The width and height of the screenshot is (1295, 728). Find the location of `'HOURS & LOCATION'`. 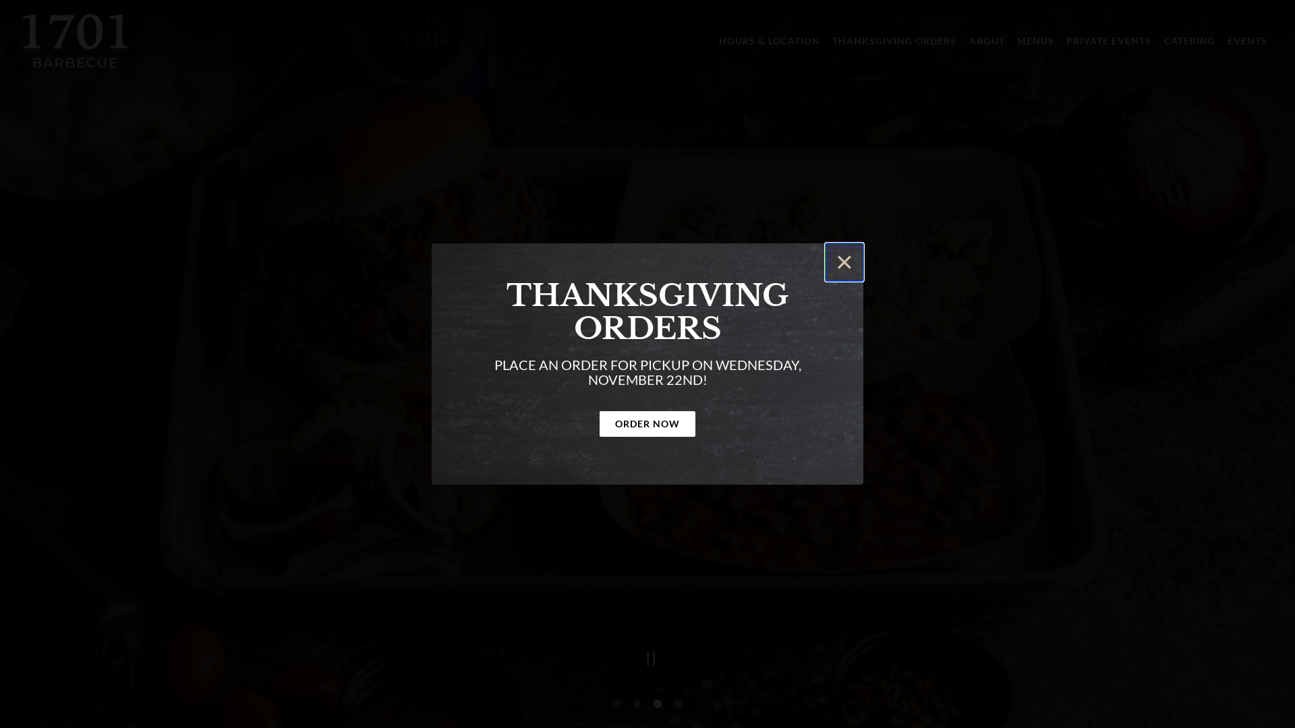

'HOURS & LOCATION' is located at coordinates (714, 40).